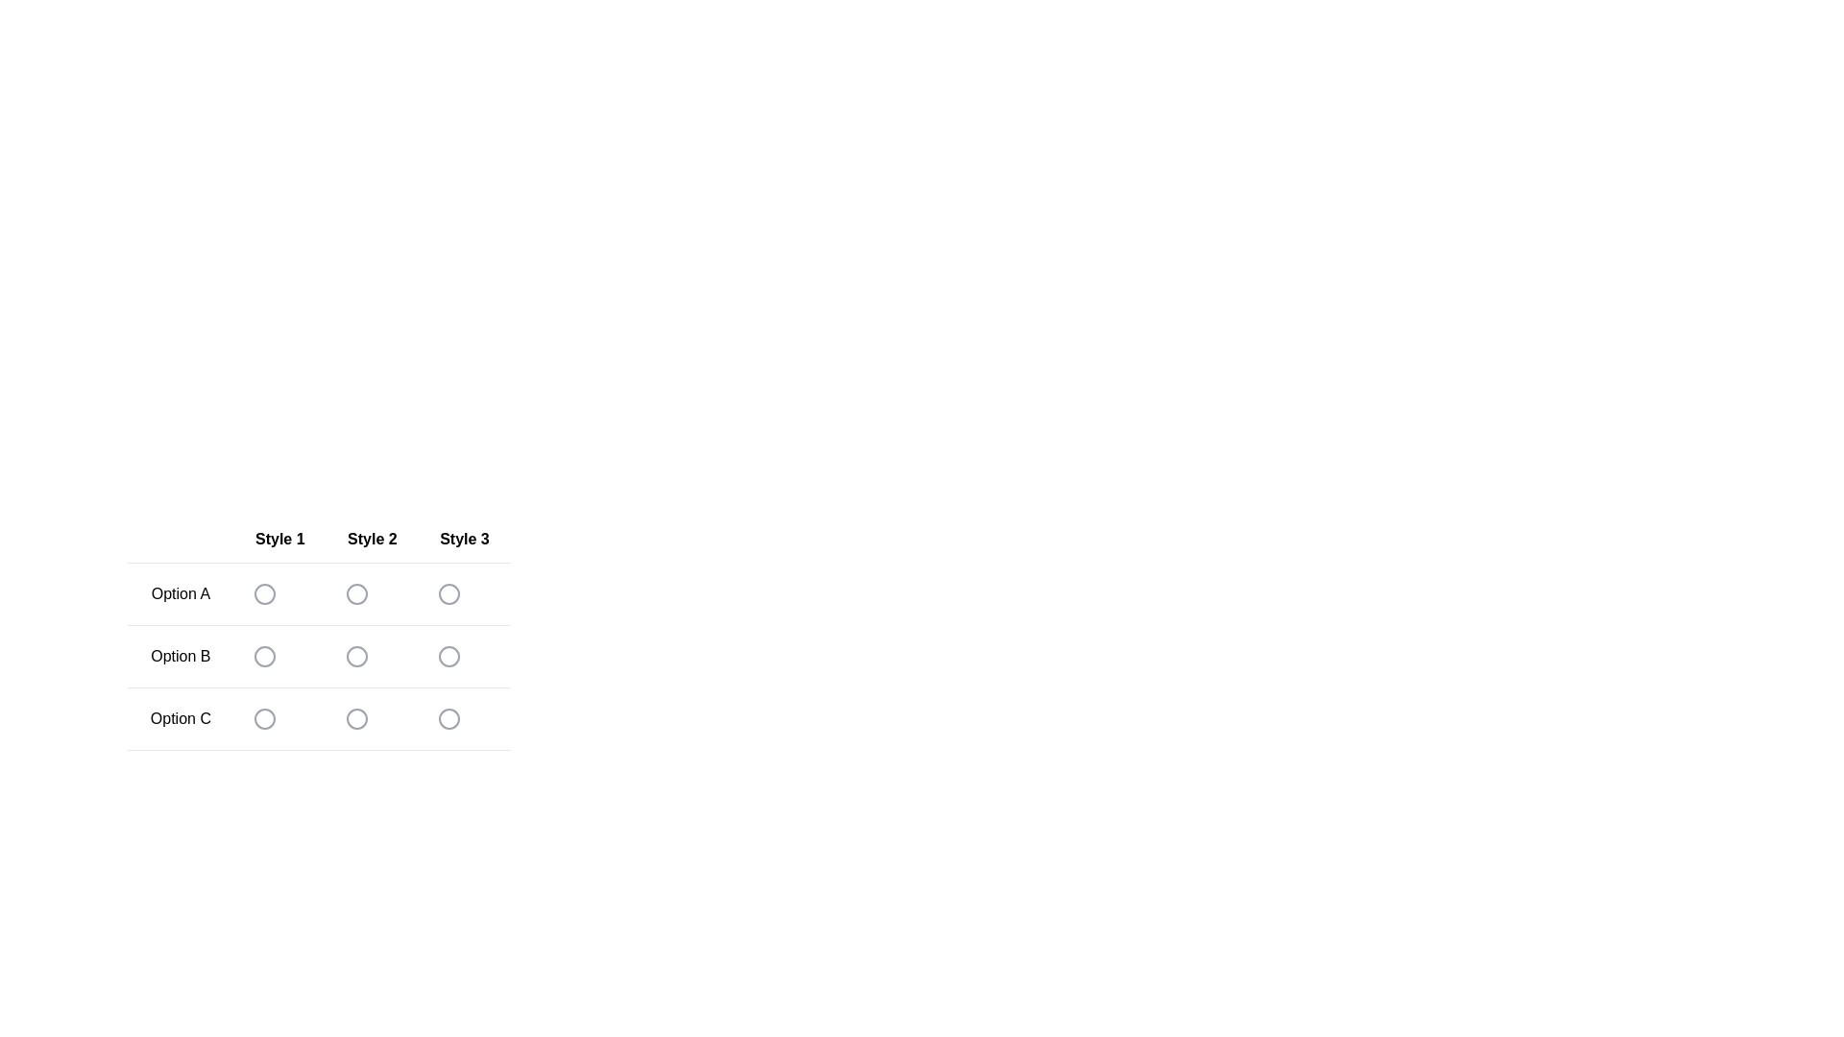  I want to click on the circular radio button located under the 'Style 2' header, beside 'Option A', so click(356, 592).